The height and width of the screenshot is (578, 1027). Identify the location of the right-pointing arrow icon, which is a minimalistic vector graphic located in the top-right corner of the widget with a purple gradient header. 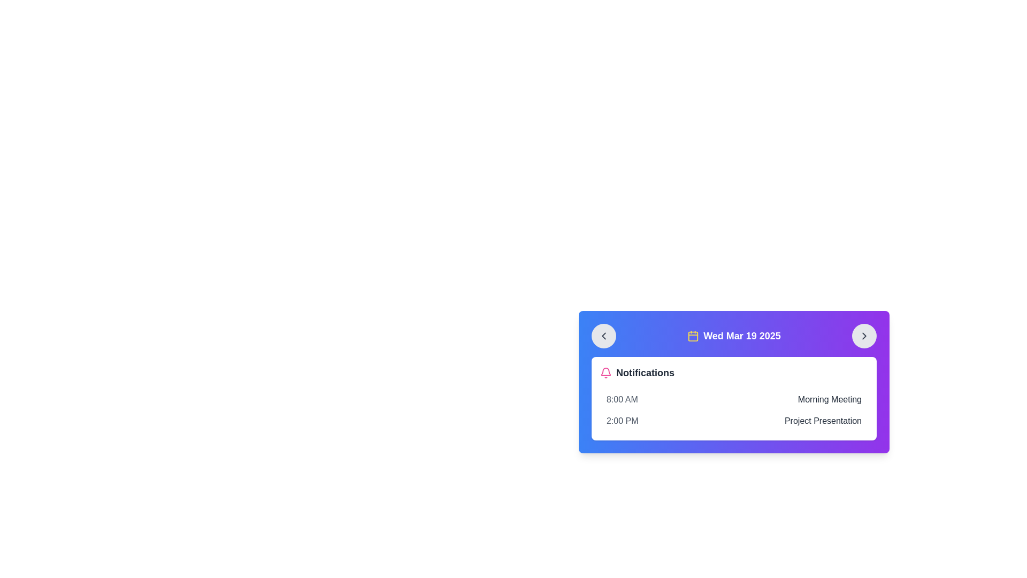
(864, 336).